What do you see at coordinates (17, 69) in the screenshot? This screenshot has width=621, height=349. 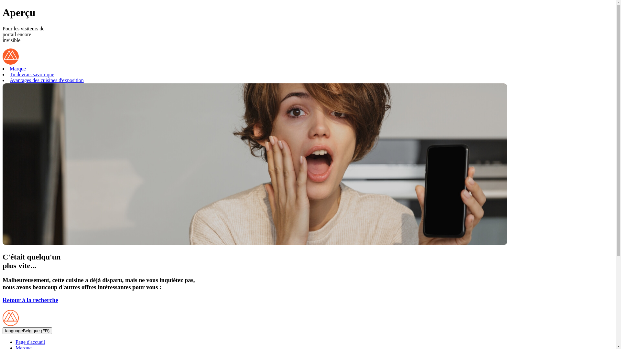 I see `'Marque'` at bounding box center [17, 69].